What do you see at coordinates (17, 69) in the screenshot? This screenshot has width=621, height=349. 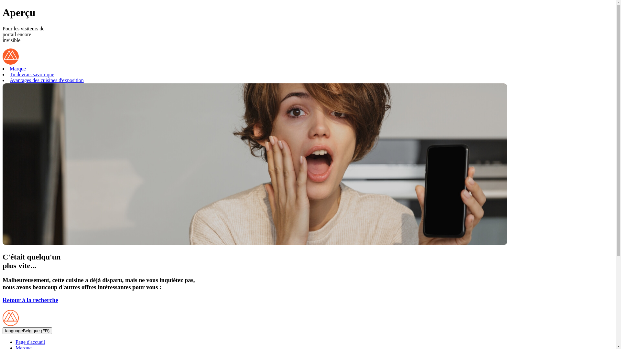 I see `'Marque'` at bounding box center [17, 69].